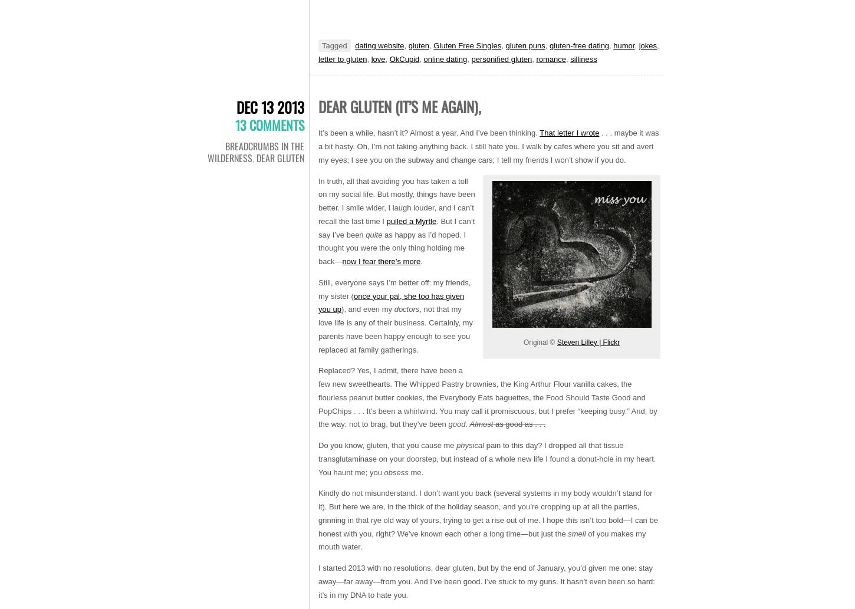 The image size is (855, 609). Describe the element at coordinates (389, 58) in the screenshot. I see `'OkCupid'` at that location.